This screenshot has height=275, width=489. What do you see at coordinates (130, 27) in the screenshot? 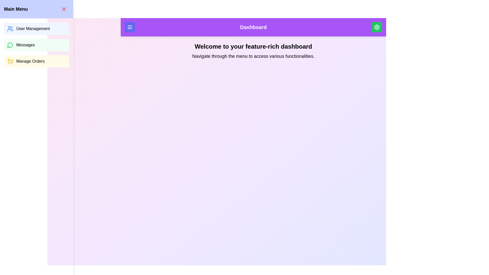
I see `the menu icon composed of three horizontal white lines within a rounded rectangular button with a purple background` at bounding box center [130, 27].